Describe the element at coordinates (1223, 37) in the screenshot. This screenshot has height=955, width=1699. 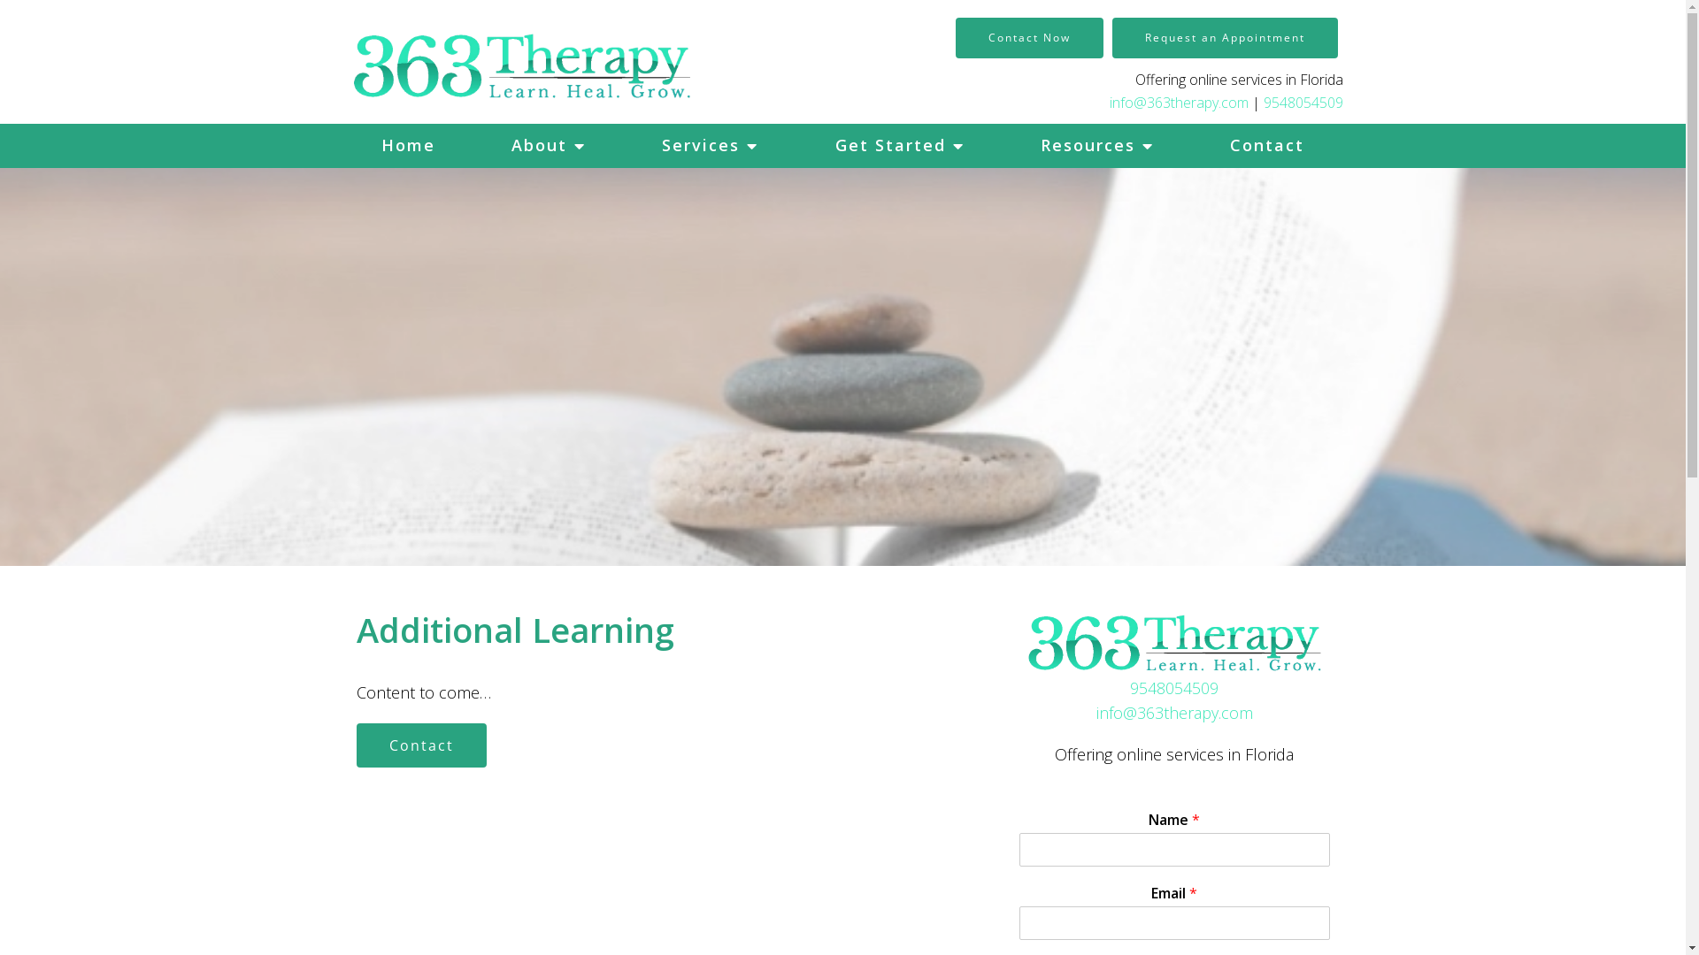
I see `'Request an Appointment'` at that location.